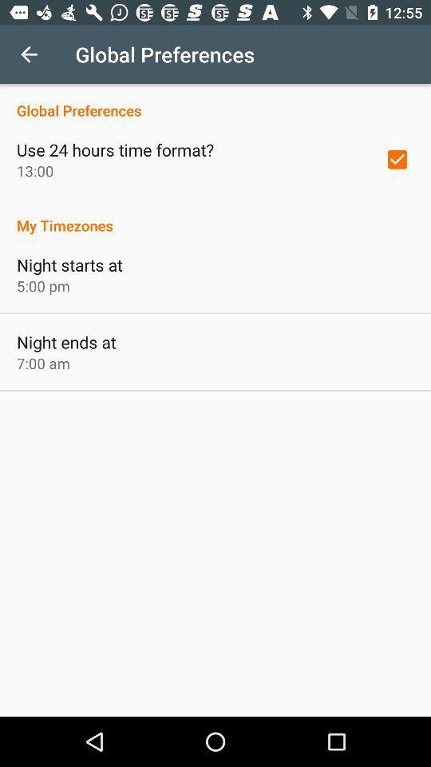 The image size is (431, 767). I want to click on the my timezones item, so click(215, 216).